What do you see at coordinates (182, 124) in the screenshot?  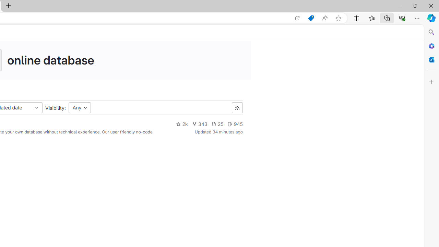 I see `'2k'` at bounding box center [182, 124].